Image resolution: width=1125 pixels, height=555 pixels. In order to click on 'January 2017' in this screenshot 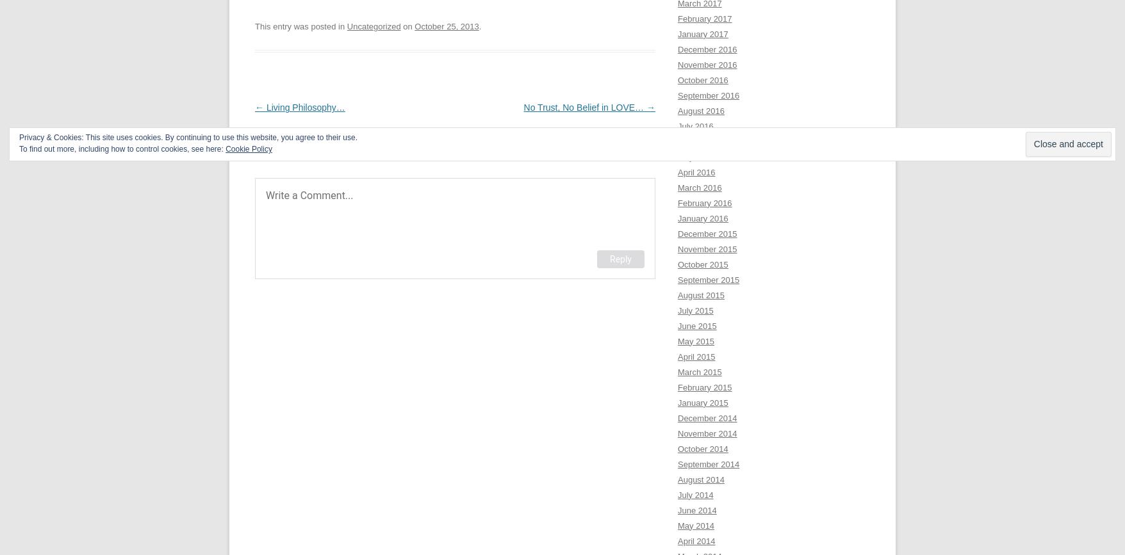, I will do `click(677, 33)`.